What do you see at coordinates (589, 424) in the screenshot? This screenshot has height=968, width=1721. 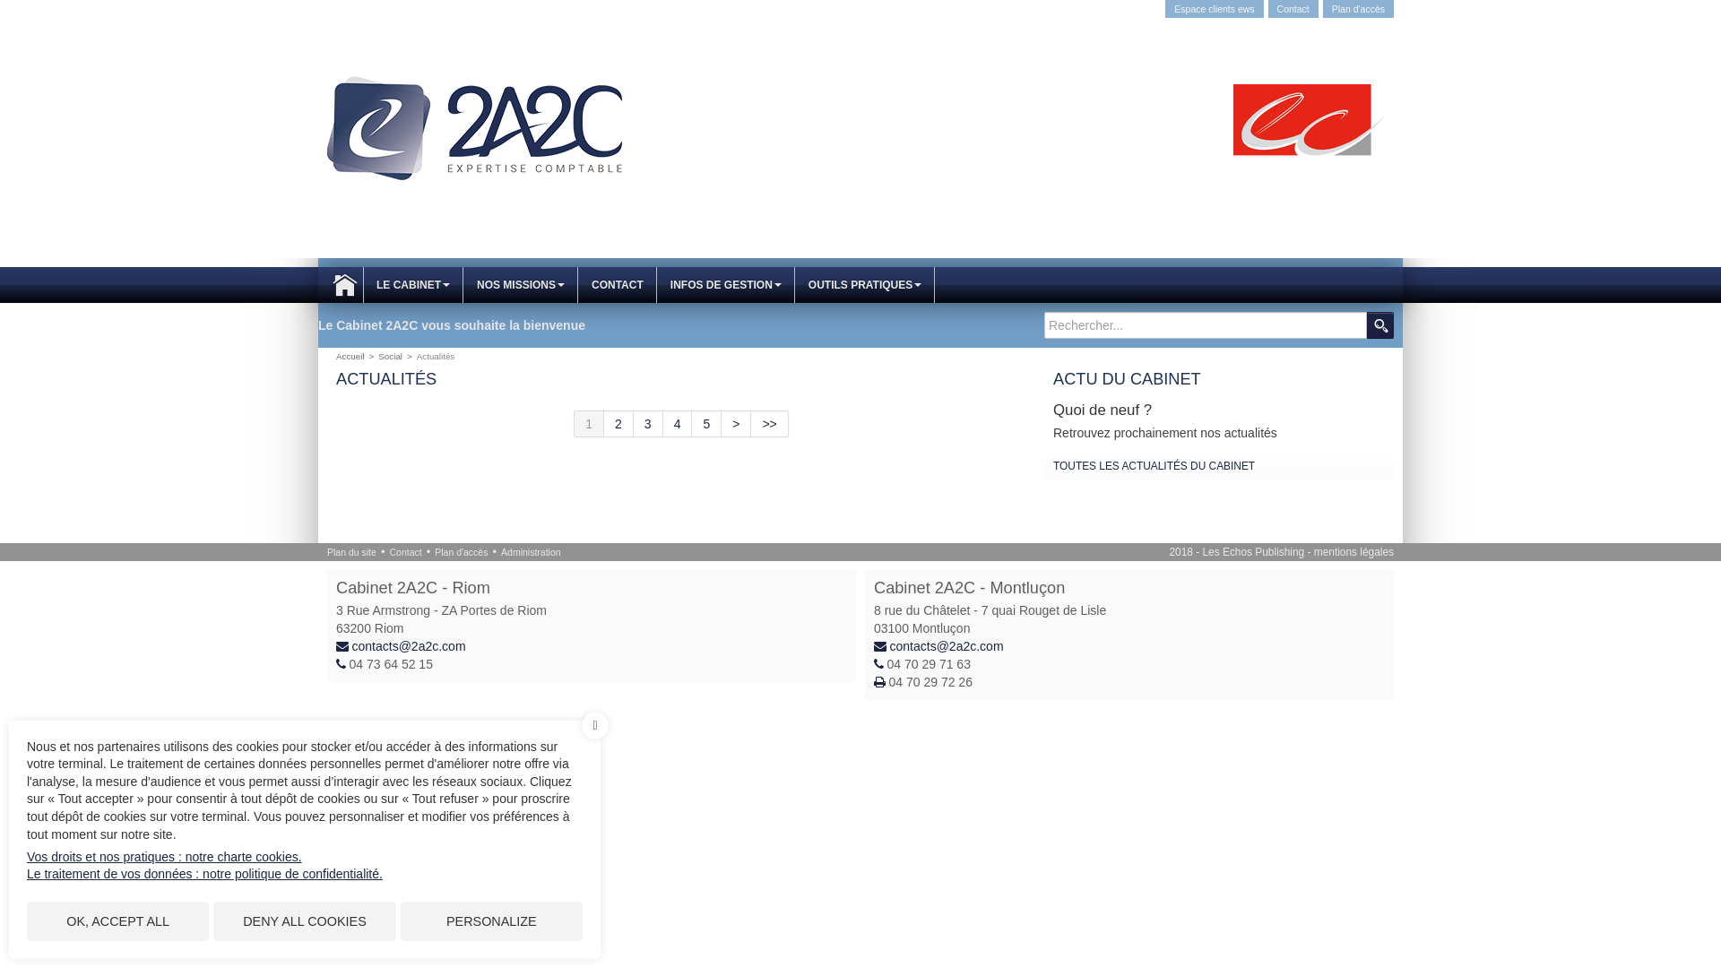 I see `'1'` at bounding box center [589, 424].